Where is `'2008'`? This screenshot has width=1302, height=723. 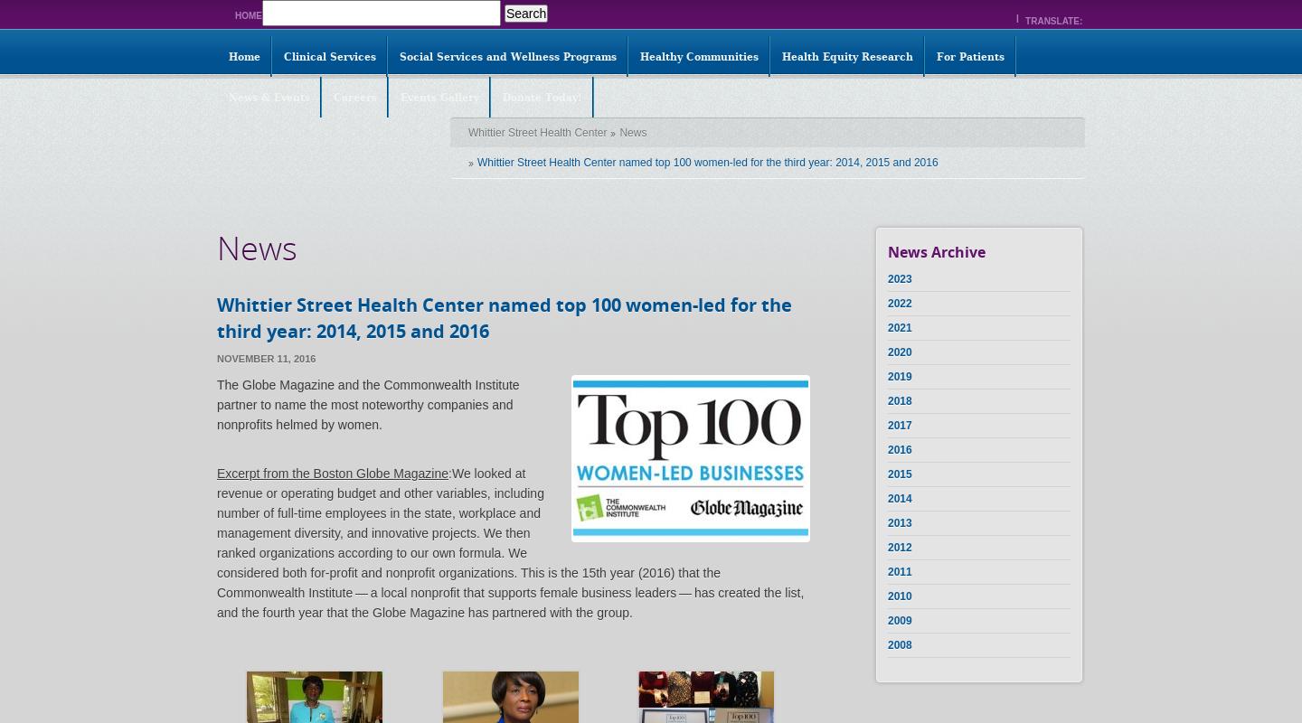
'2008' is located at coordinates (899, 644).